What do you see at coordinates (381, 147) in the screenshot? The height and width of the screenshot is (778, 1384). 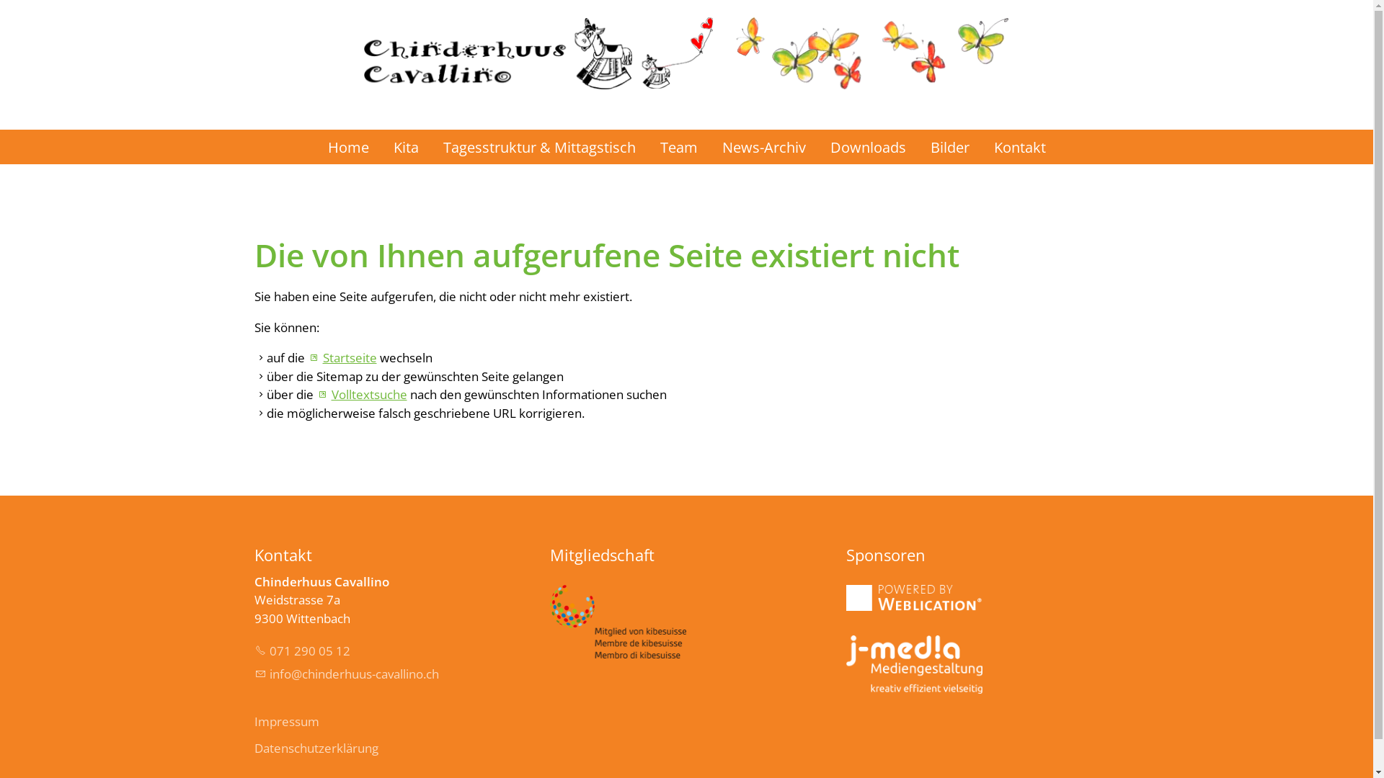 I see `'Kita'` at bounding box center [381, 147].